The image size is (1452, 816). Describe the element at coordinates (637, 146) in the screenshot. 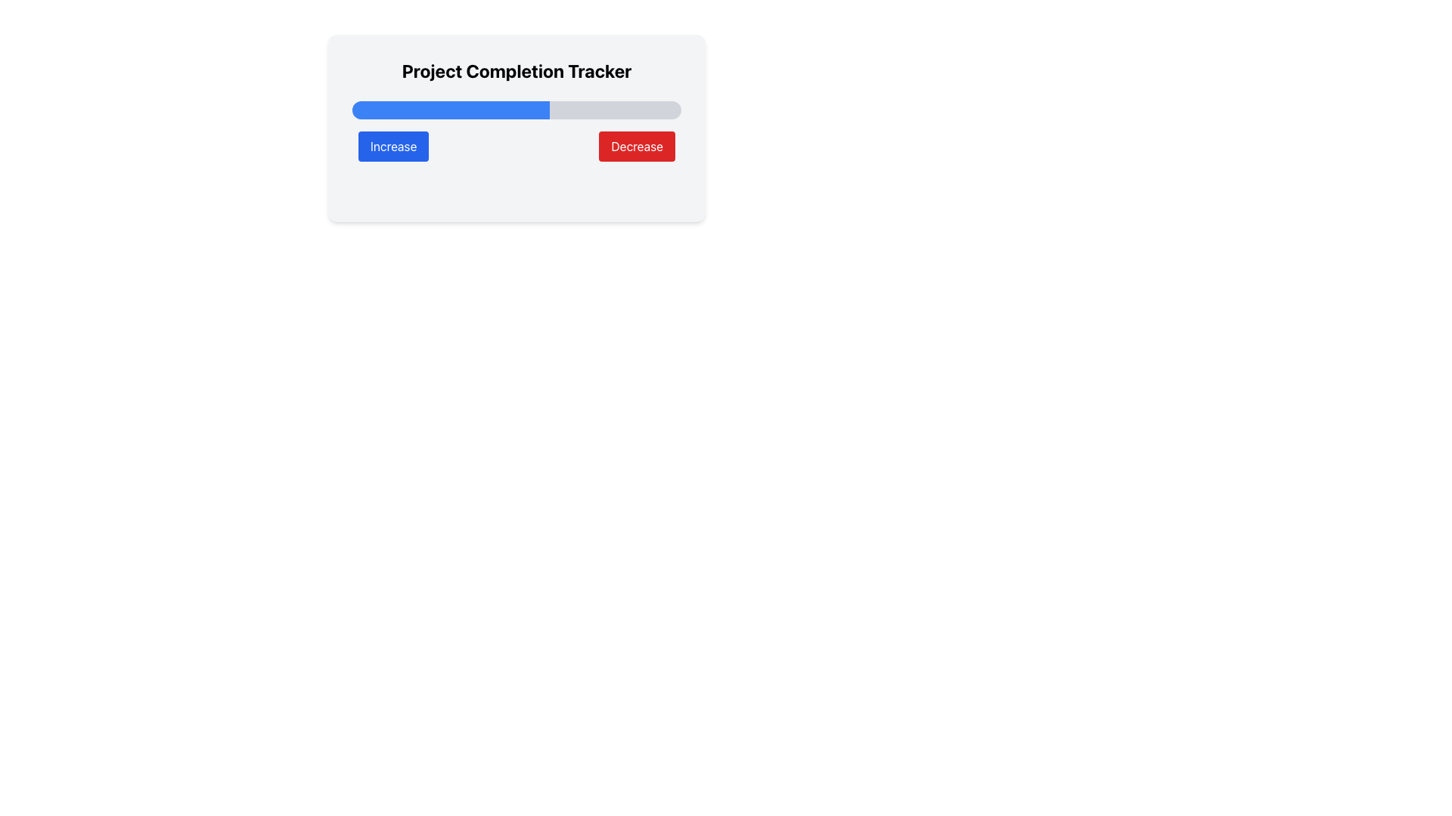

I see `the 'Decrease' button with a red background and white text located to the right of the 'Increase' button` at that location.